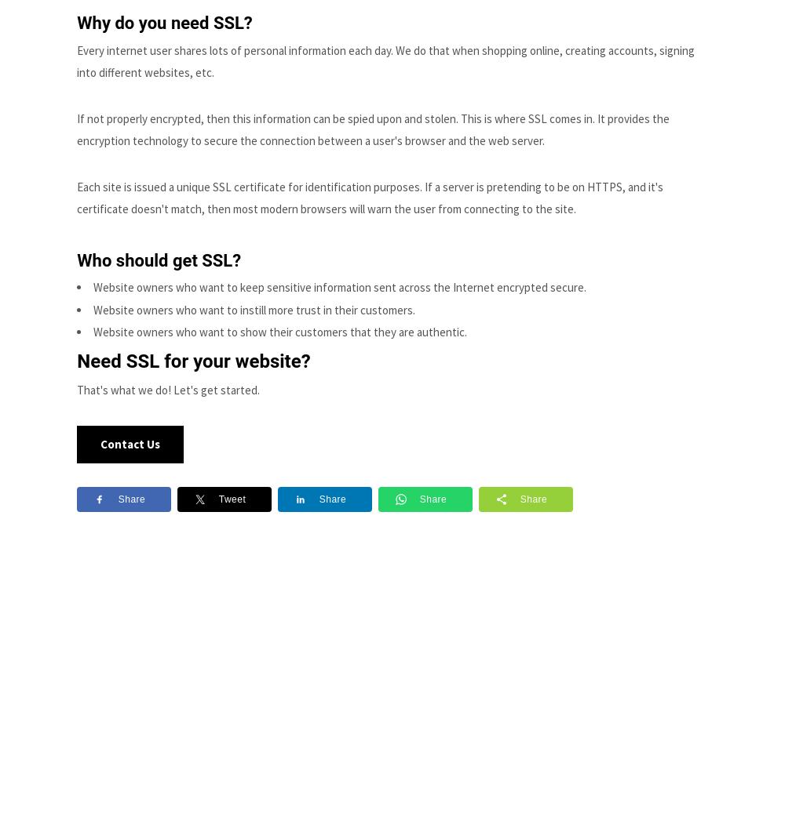 This screenshot has width=785, height=817. Describe the element at coordinates (279, 331) in the screenshot. I see `'Website owners who want to show their customers that they are authentic.'` at that location.